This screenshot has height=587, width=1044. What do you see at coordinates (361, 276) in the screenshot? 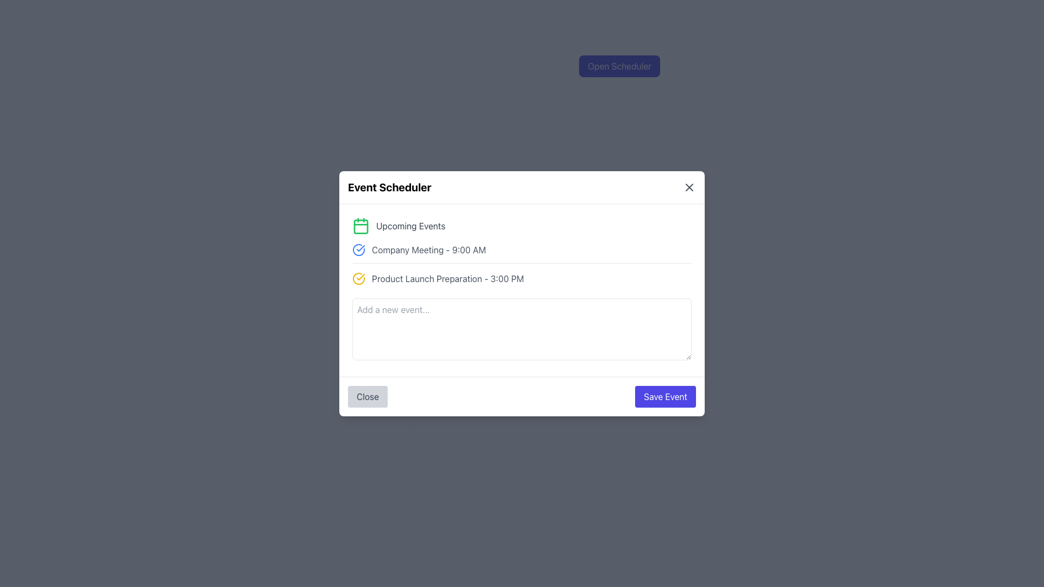
I see `the yellow checkmark vector icon located in the second event item of the Event Scheduler modal, which is aligned to the left of the text 'Company Meeting - 9:00 AM'` at bounding box center [361, 276].